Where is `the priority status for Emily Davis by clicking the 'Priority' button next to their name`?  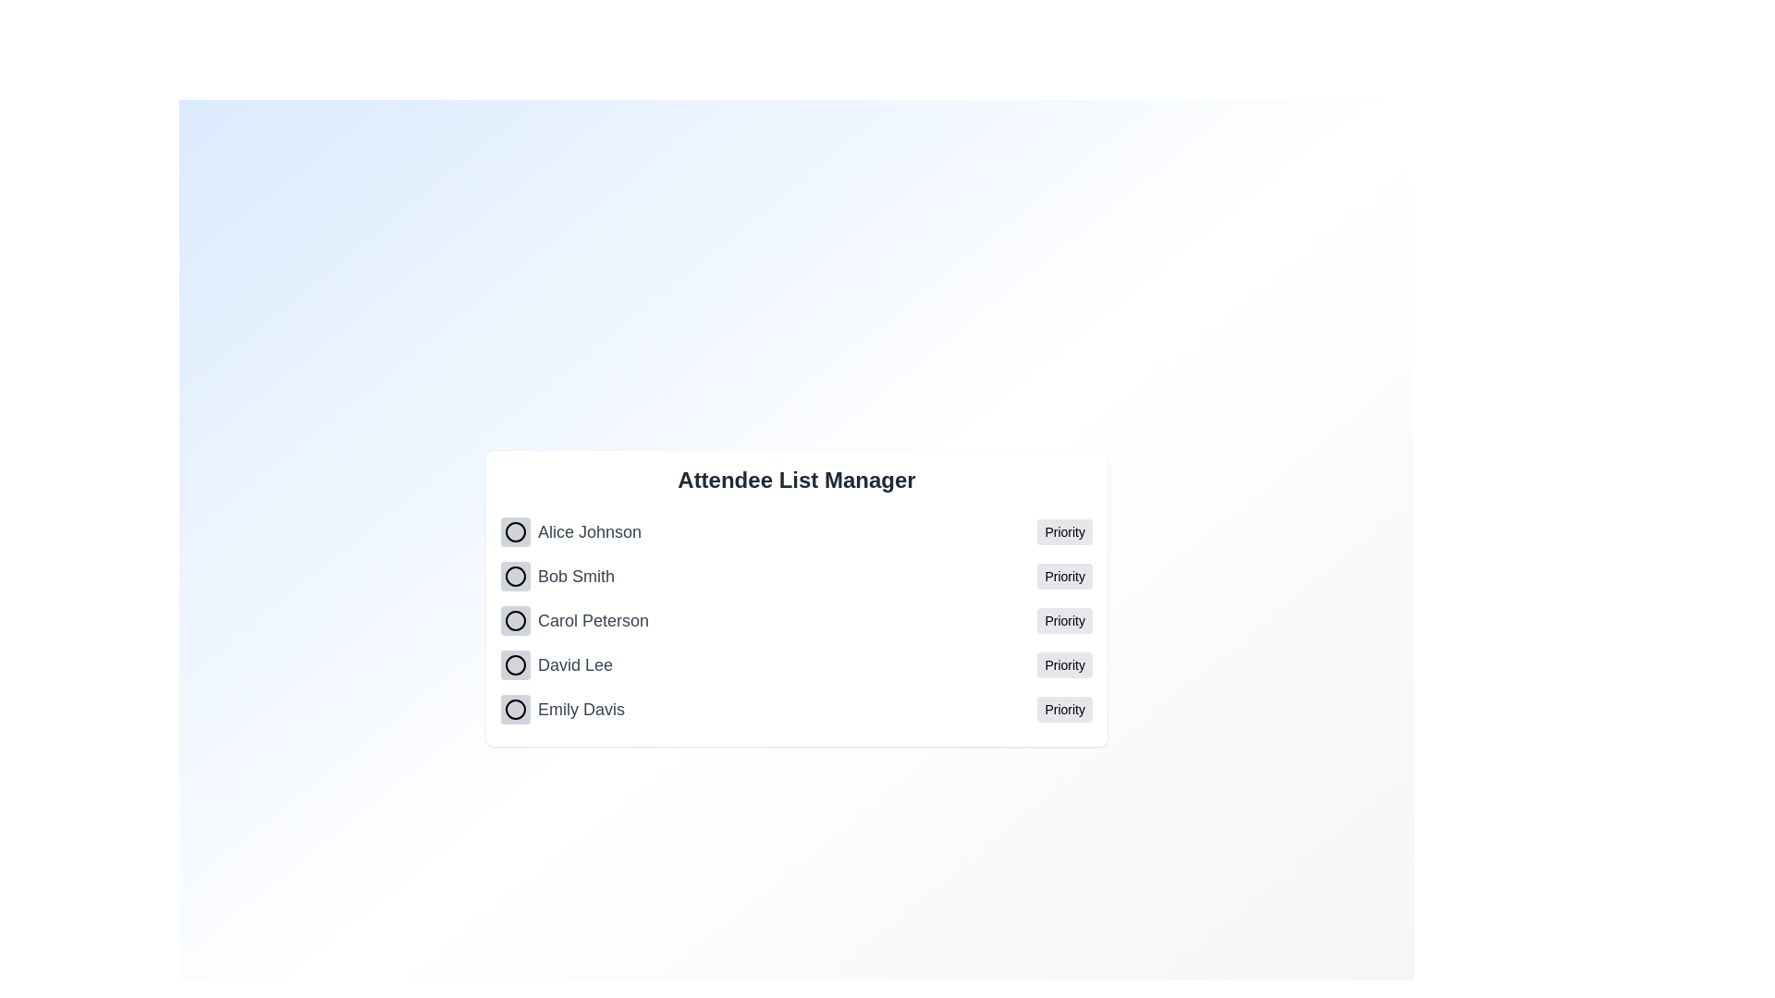 the priority status for Emily Davis by clicking the 'Priority' button next to their name is located at coordinates (1065, 708).